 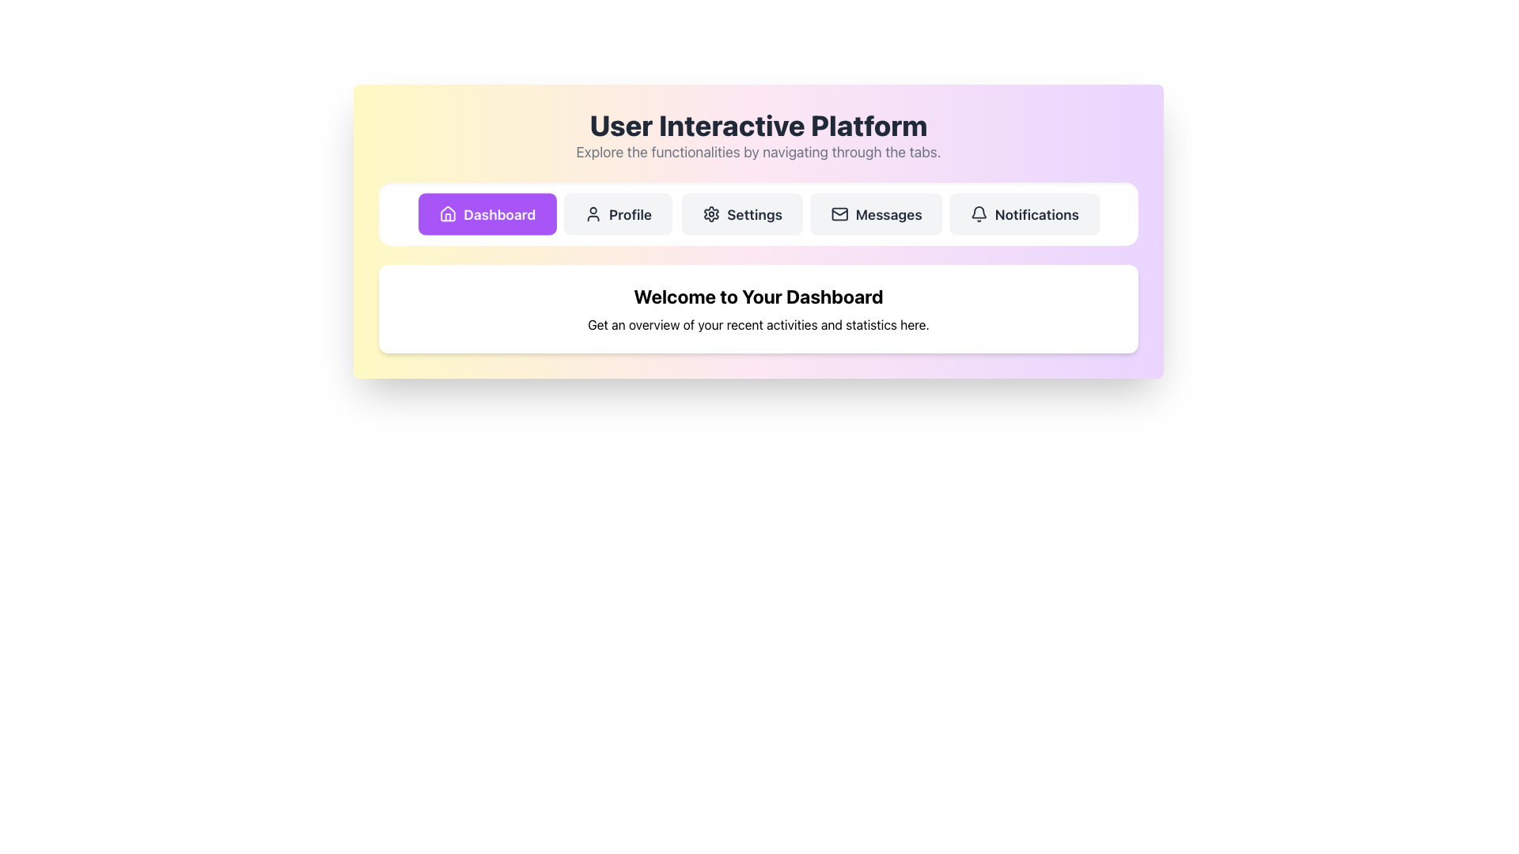 What do you see at coordinates (618, 213) in the screenshot?
I see `the 'Profile' button, which has a light gray background, dark gray text, and a user silhouette icon` at bounding box center [618, 213].